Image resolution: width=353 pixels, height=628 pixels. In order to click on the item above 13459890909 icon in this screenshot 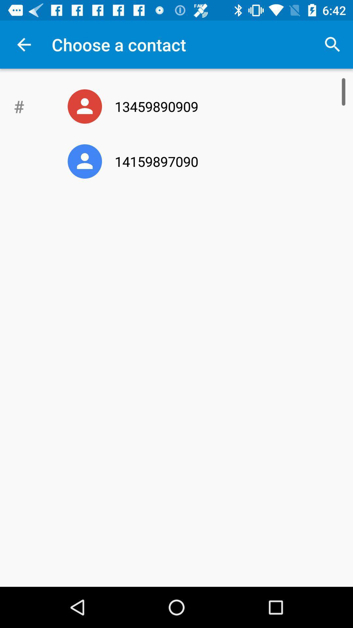, I will do `click(332, 44)`.